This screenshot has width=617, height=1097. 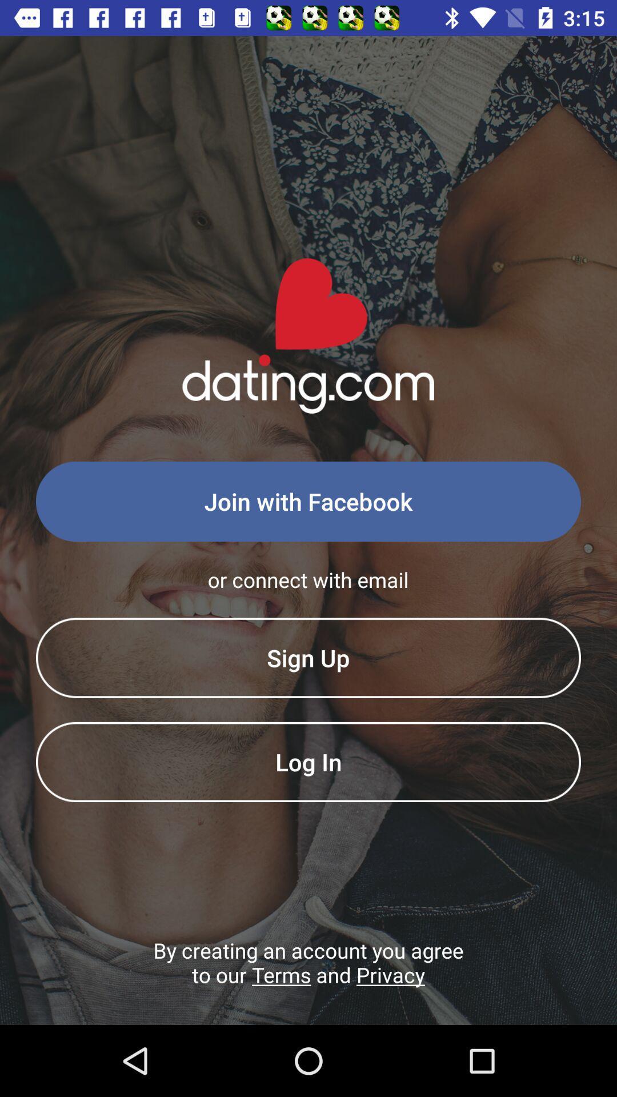 What do you see at coordinates (308, 762) in the screenshot?
I see `log in` at bounding box center [308, 762].